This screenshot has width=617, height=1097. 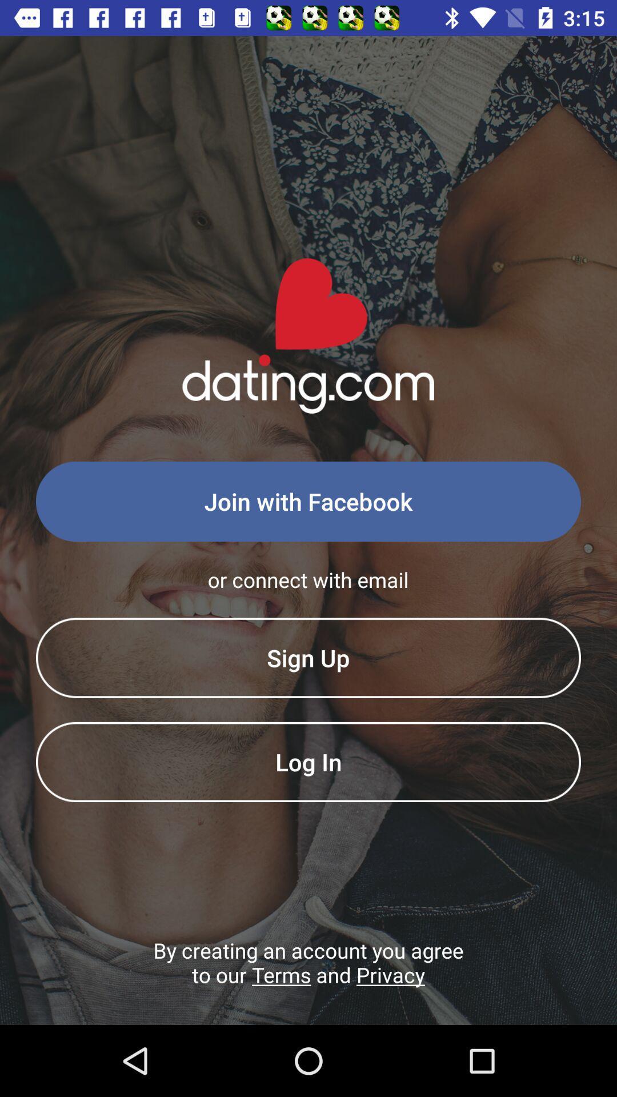 What do you see at coordinates (308, 762) in the screenshot?
I see `log in` at bounding box center [308, 762].